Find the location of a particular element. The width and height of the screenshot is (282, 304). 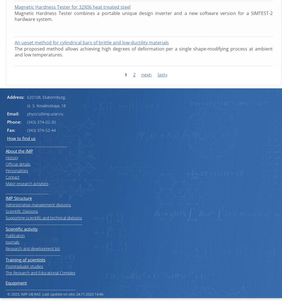

'An upset method for cylindrical bars of brittle and low-ductility materials' is located at coordinates (91, 42).